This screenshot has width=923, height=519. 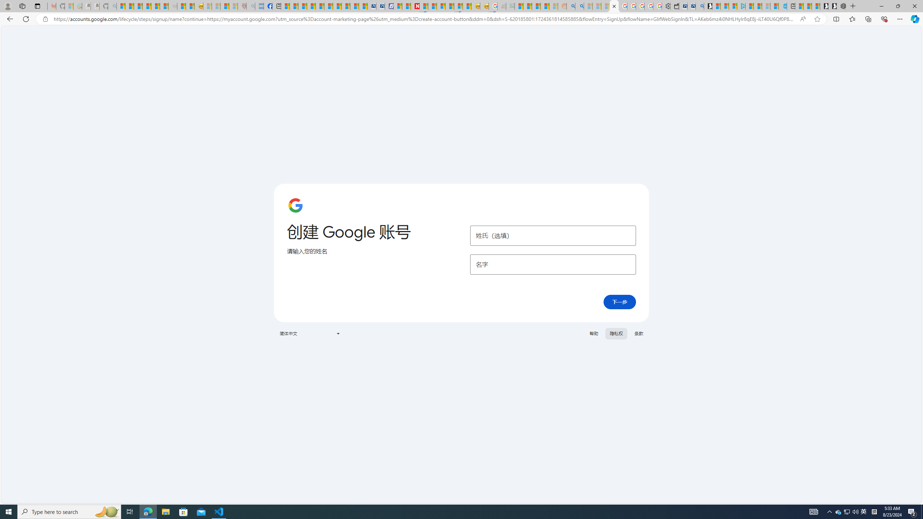 What do you see at coordinates (691, 6) in the screenshot?
I see `'Cheap Car Rentals - Save70.com'` at bounding box center [691, 6].